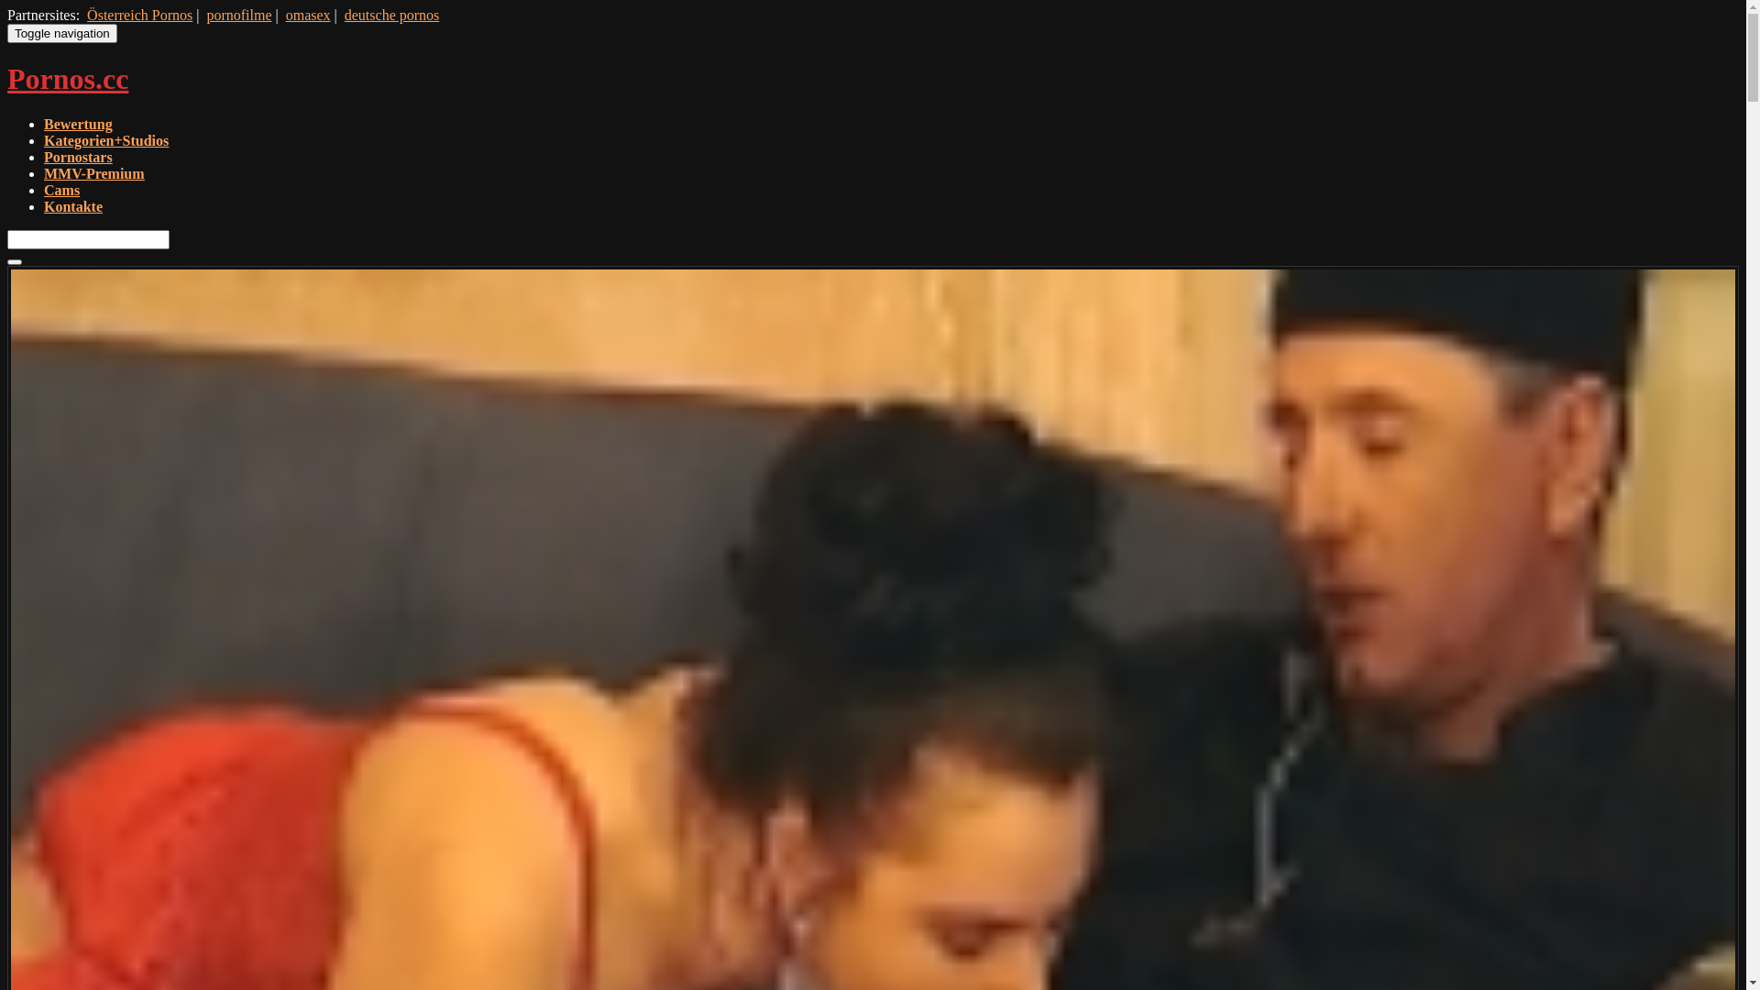 The image size is (1760, 990). What do you see at coordinates (237, 15) in the screenshot?
I see `'pornofilme'` at bounding box center [237, 15].